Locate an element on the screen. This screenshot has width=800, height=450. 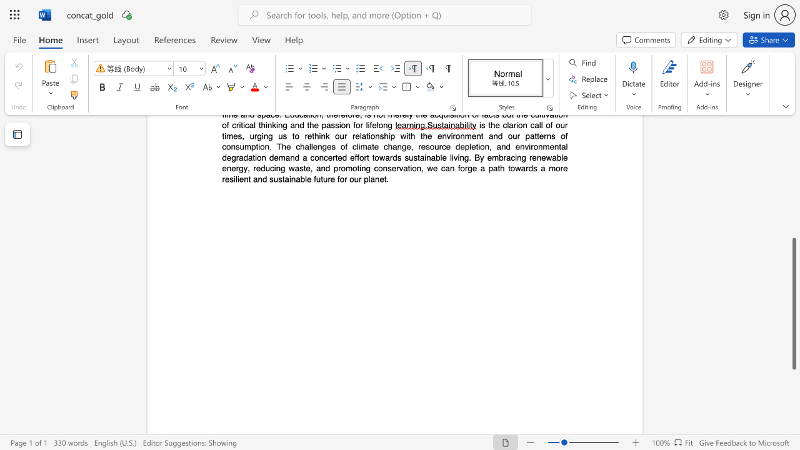
the scrollbar and move down 200 pixels is located at coordinates (793, 304).